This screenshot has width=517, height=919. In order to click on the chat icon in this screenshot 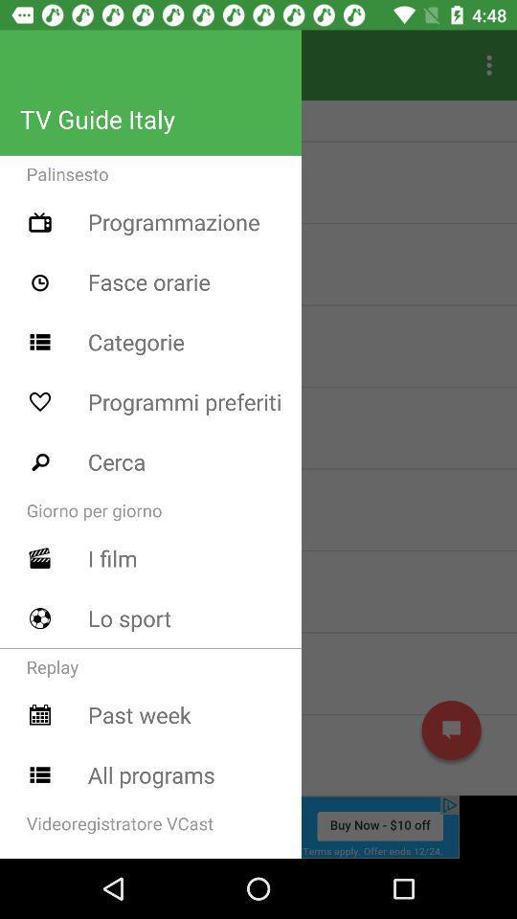, I will do `click(451, 729)`.